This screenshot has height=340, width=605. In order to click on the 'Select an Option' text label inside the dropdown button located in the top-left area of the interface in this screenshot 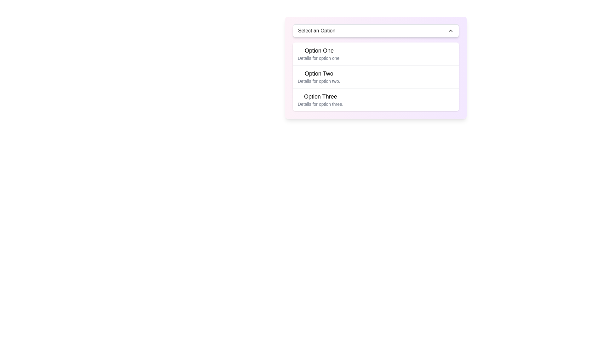, I will do `click(317, 31)`.